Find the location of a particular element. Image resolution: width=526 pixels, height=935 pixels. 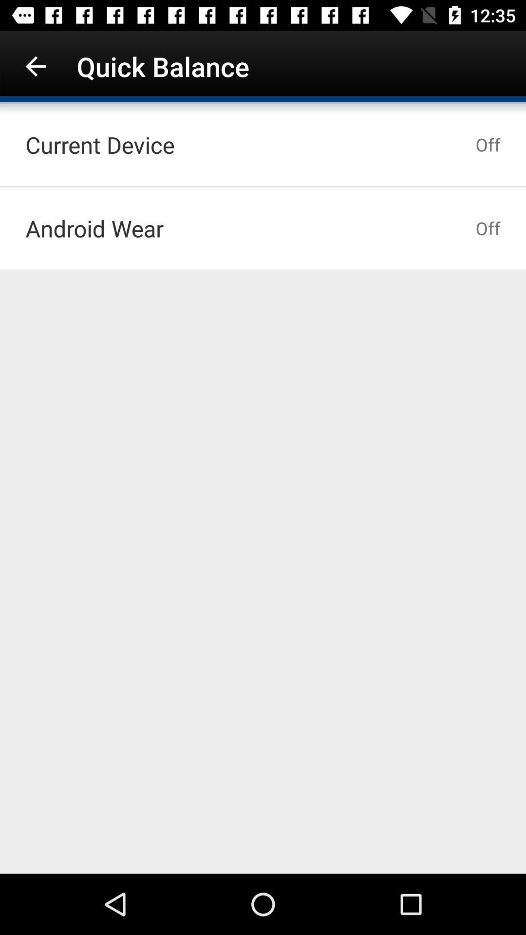

the item next to the quick balance app is located at coordinates (35, 66).